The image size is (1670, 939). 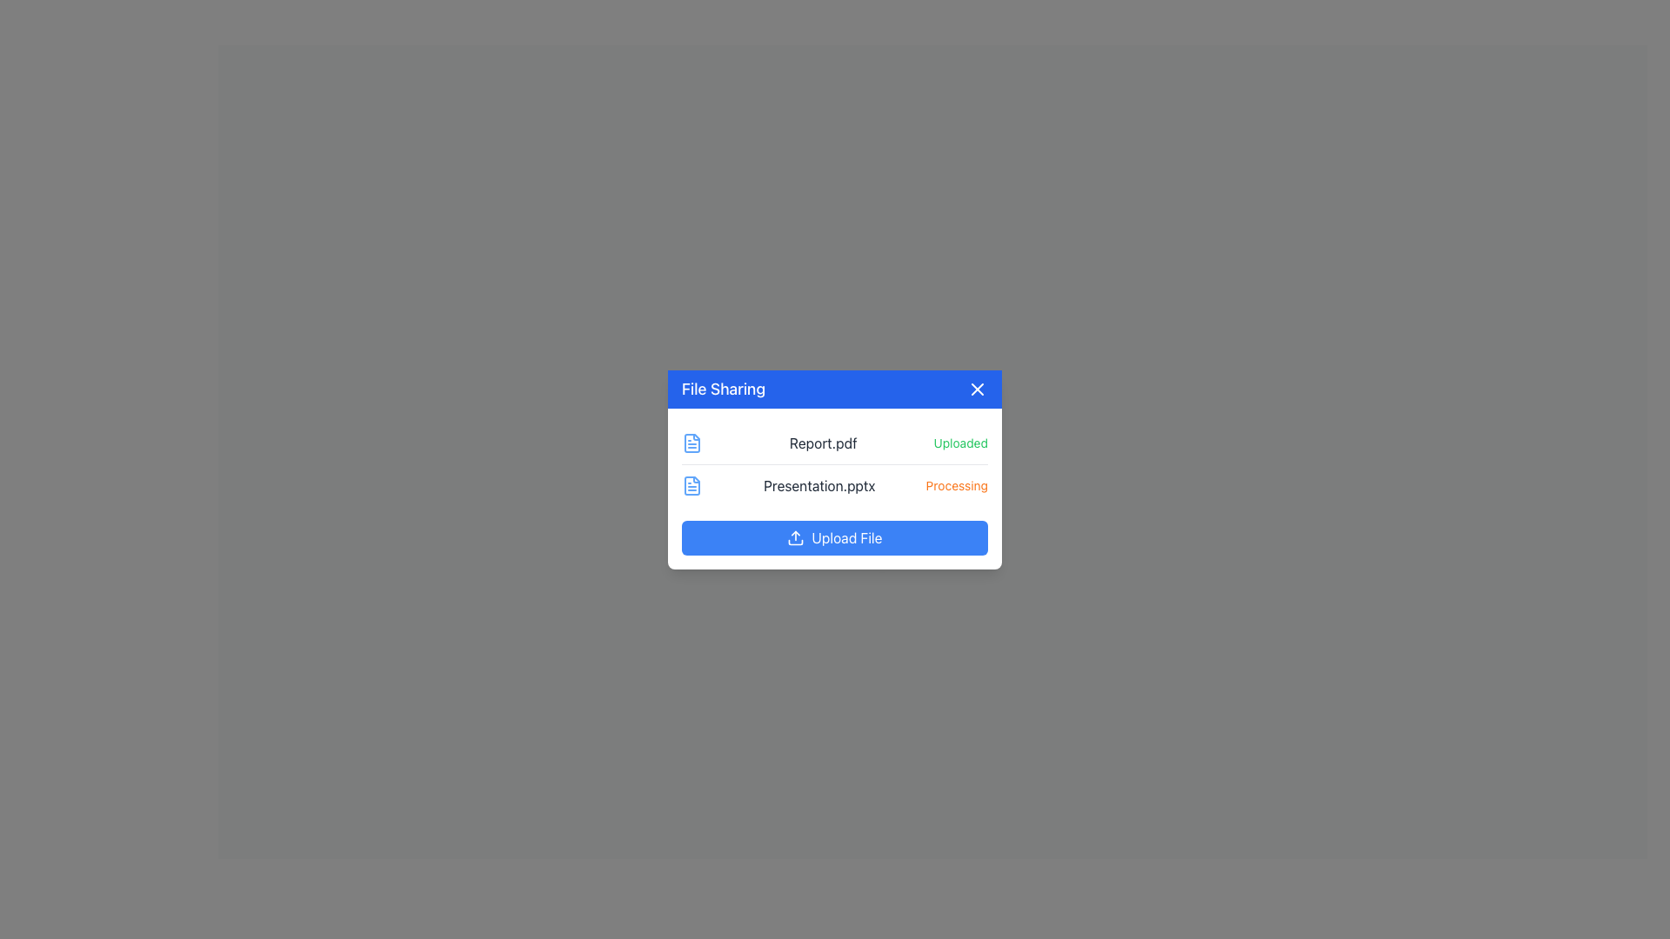 What do you see at coordinates (977, 388) in the screenshot?
I see `the 'X' icon button located at the top-right corner of the 'File Sharing' modal interface` at bounding box center [977, 388].